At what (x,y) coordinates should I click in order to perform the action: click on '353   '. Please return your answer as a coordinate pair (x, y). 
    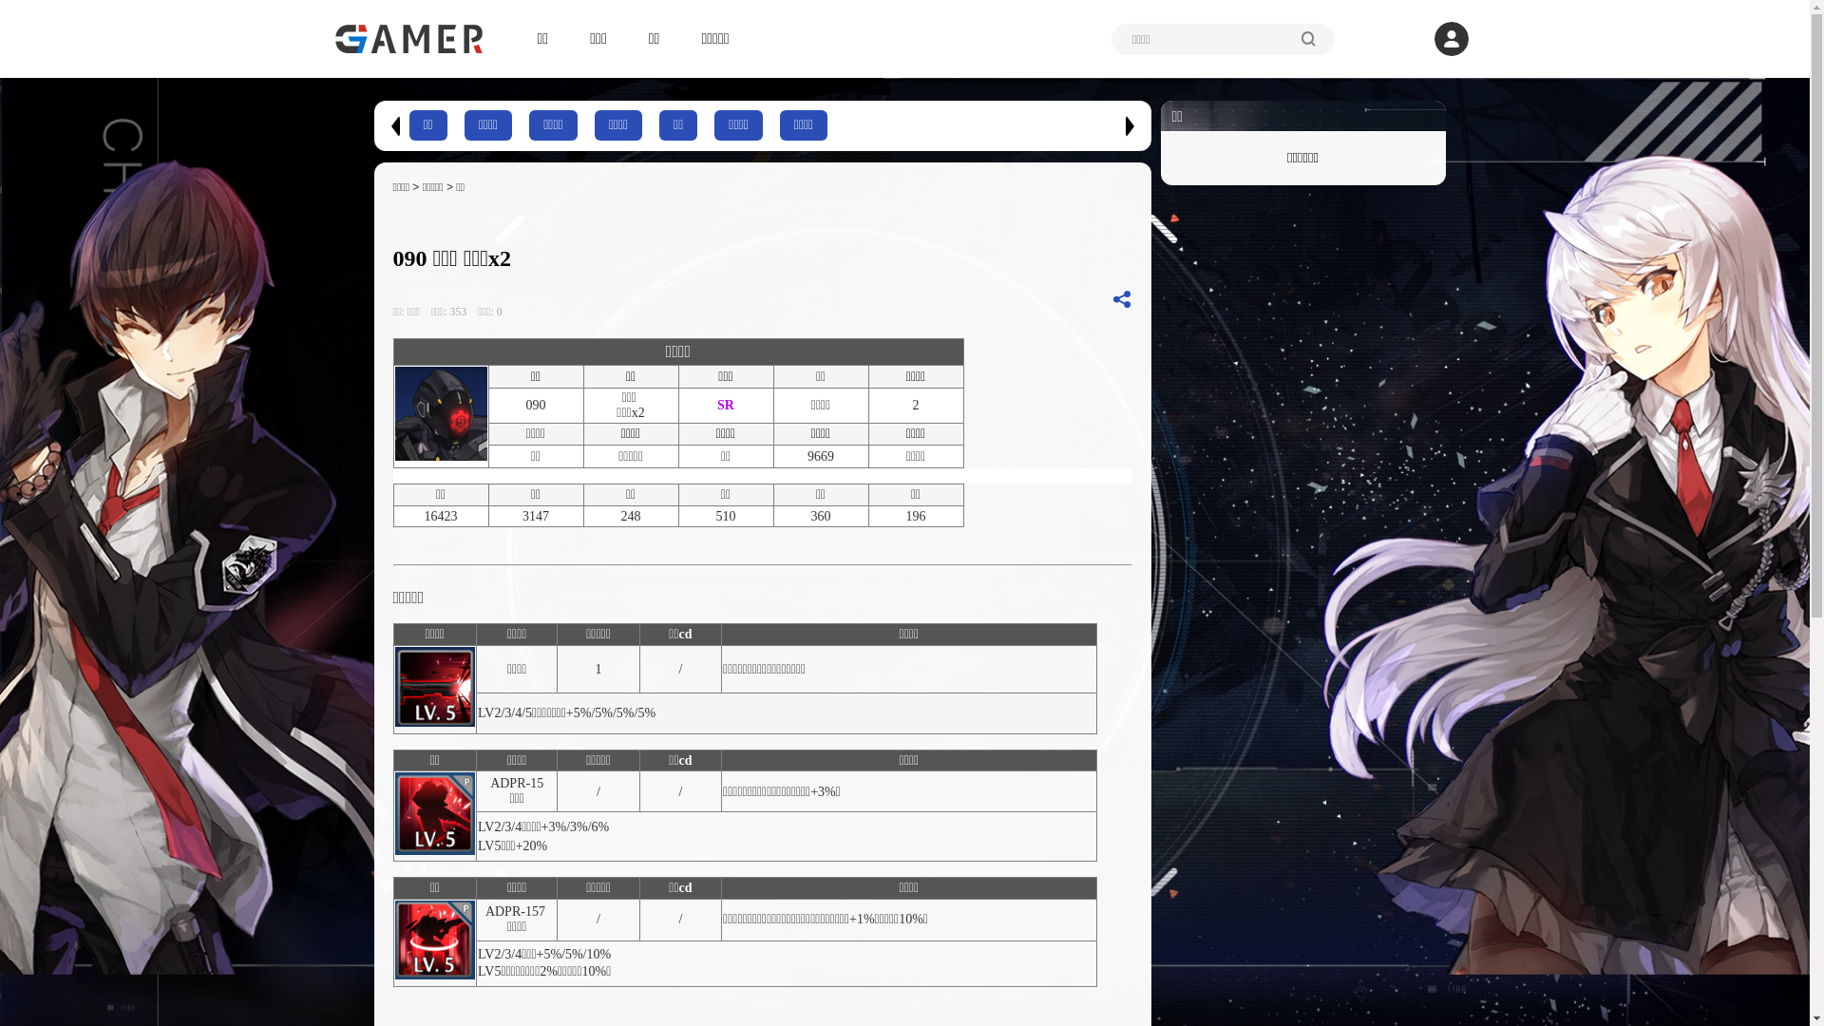
    Looking at the image, I should click on (462, 310).